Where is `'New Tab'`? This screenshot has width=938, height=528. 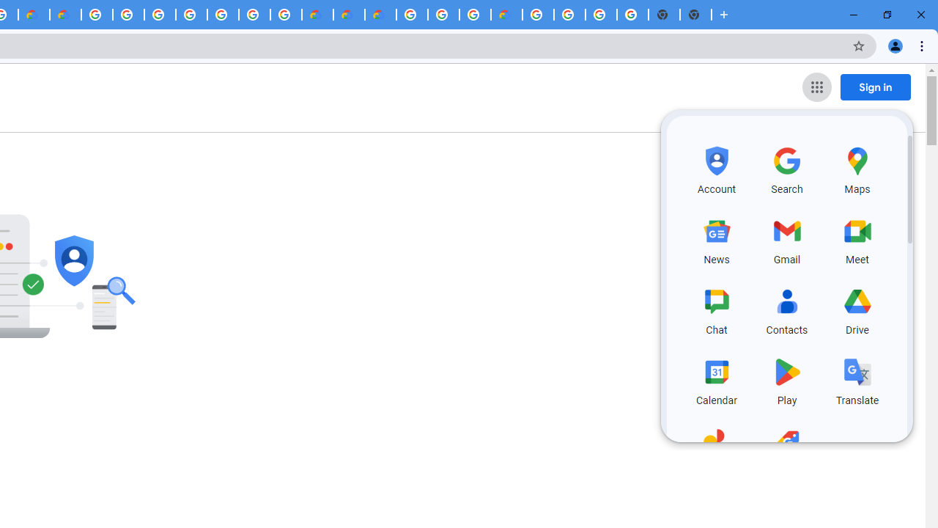 'New Tab' is located at coordinates (724, 15).